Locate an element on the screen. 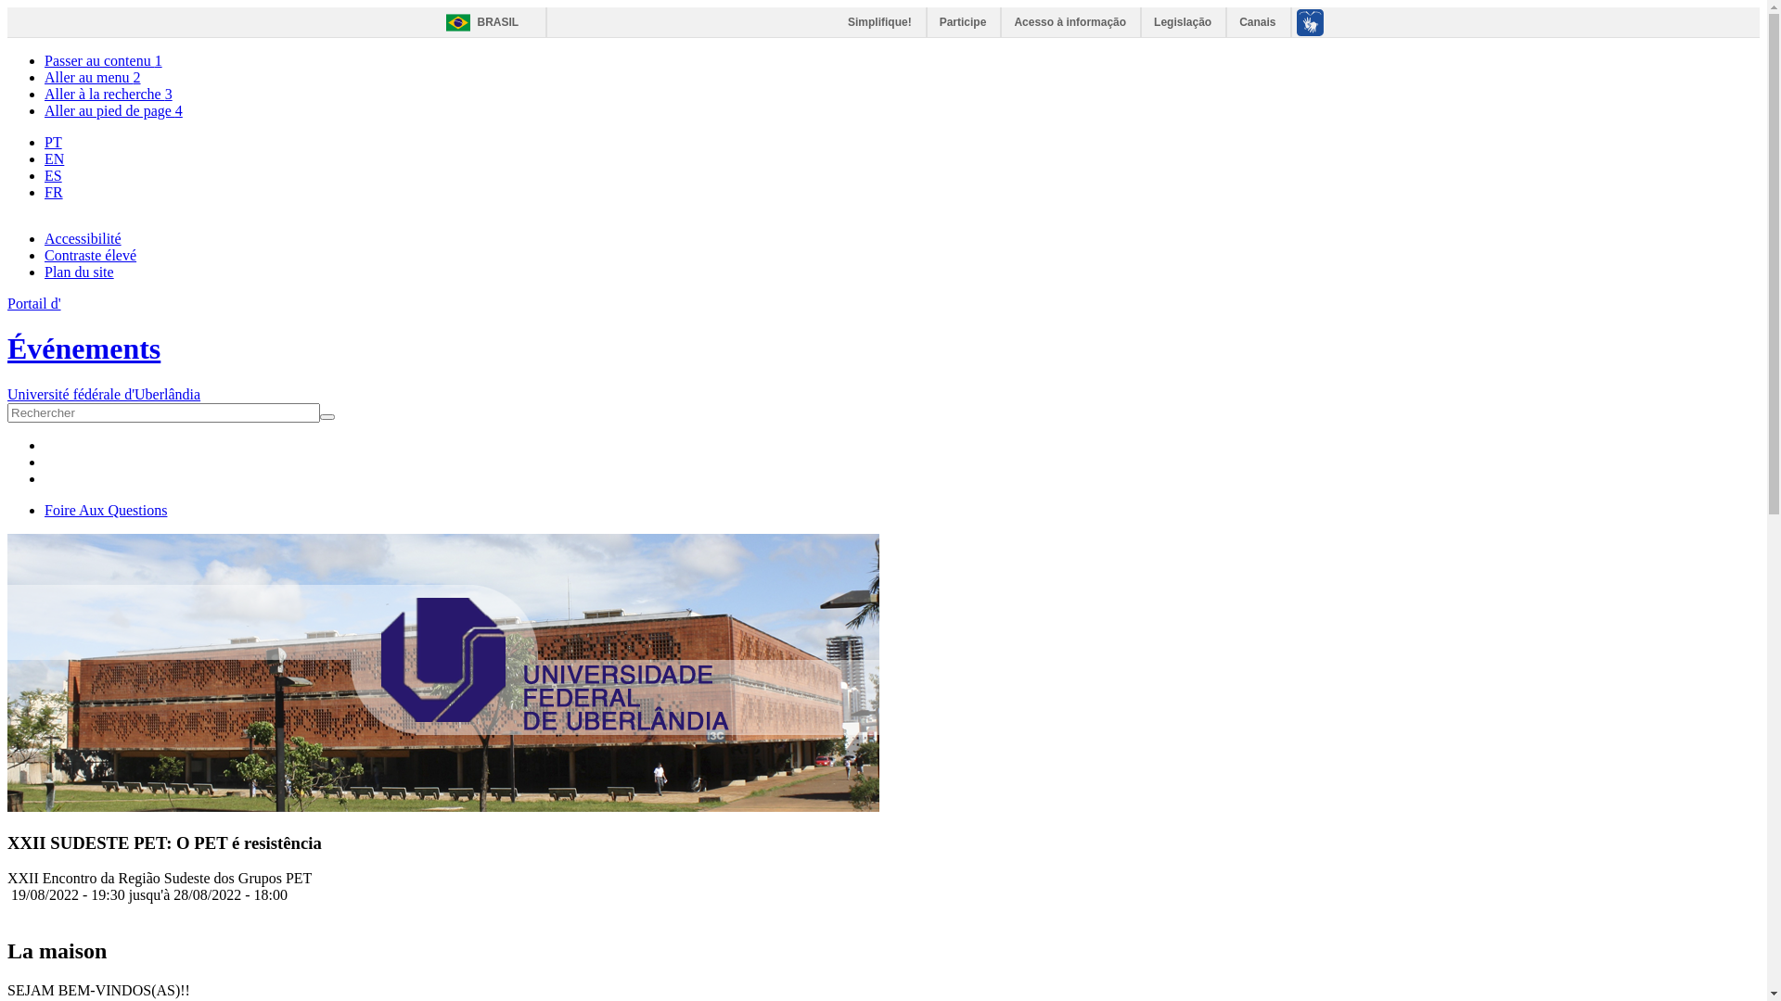  'Participe' is located at coordinates (964, 21).